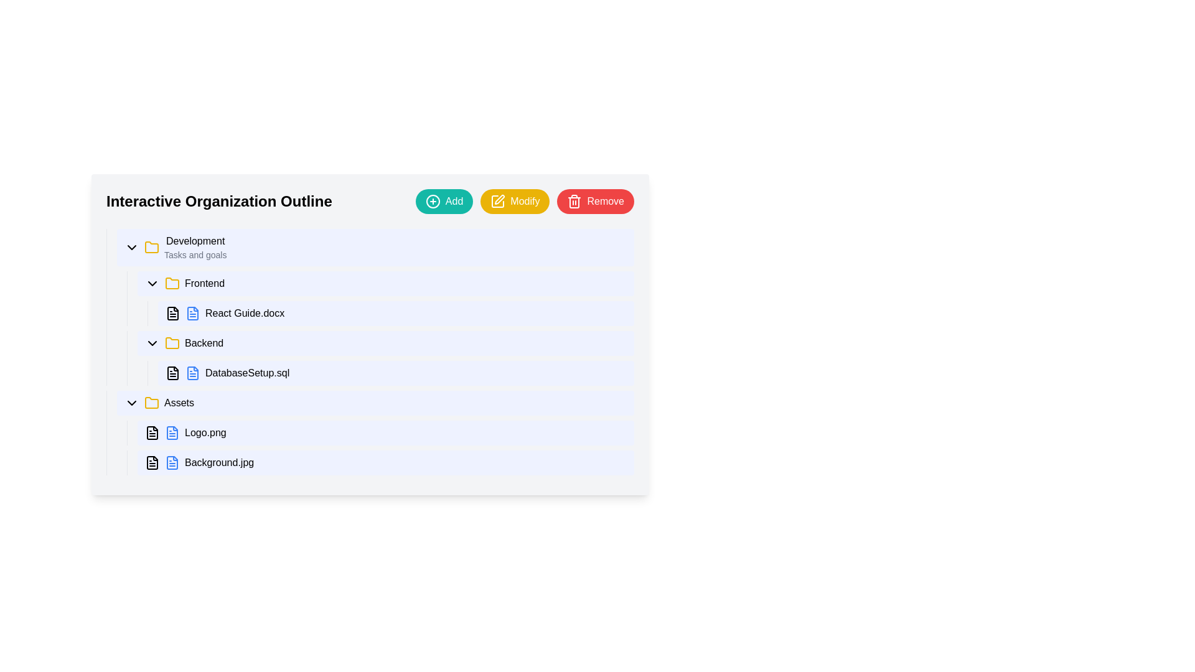  What do you see at coordinates (172, 463) in the screenshot?
I see `the icon representing the file labeled 'Background.jpg', located at the far left of its row in the file list` at bounding box center [172, 463].